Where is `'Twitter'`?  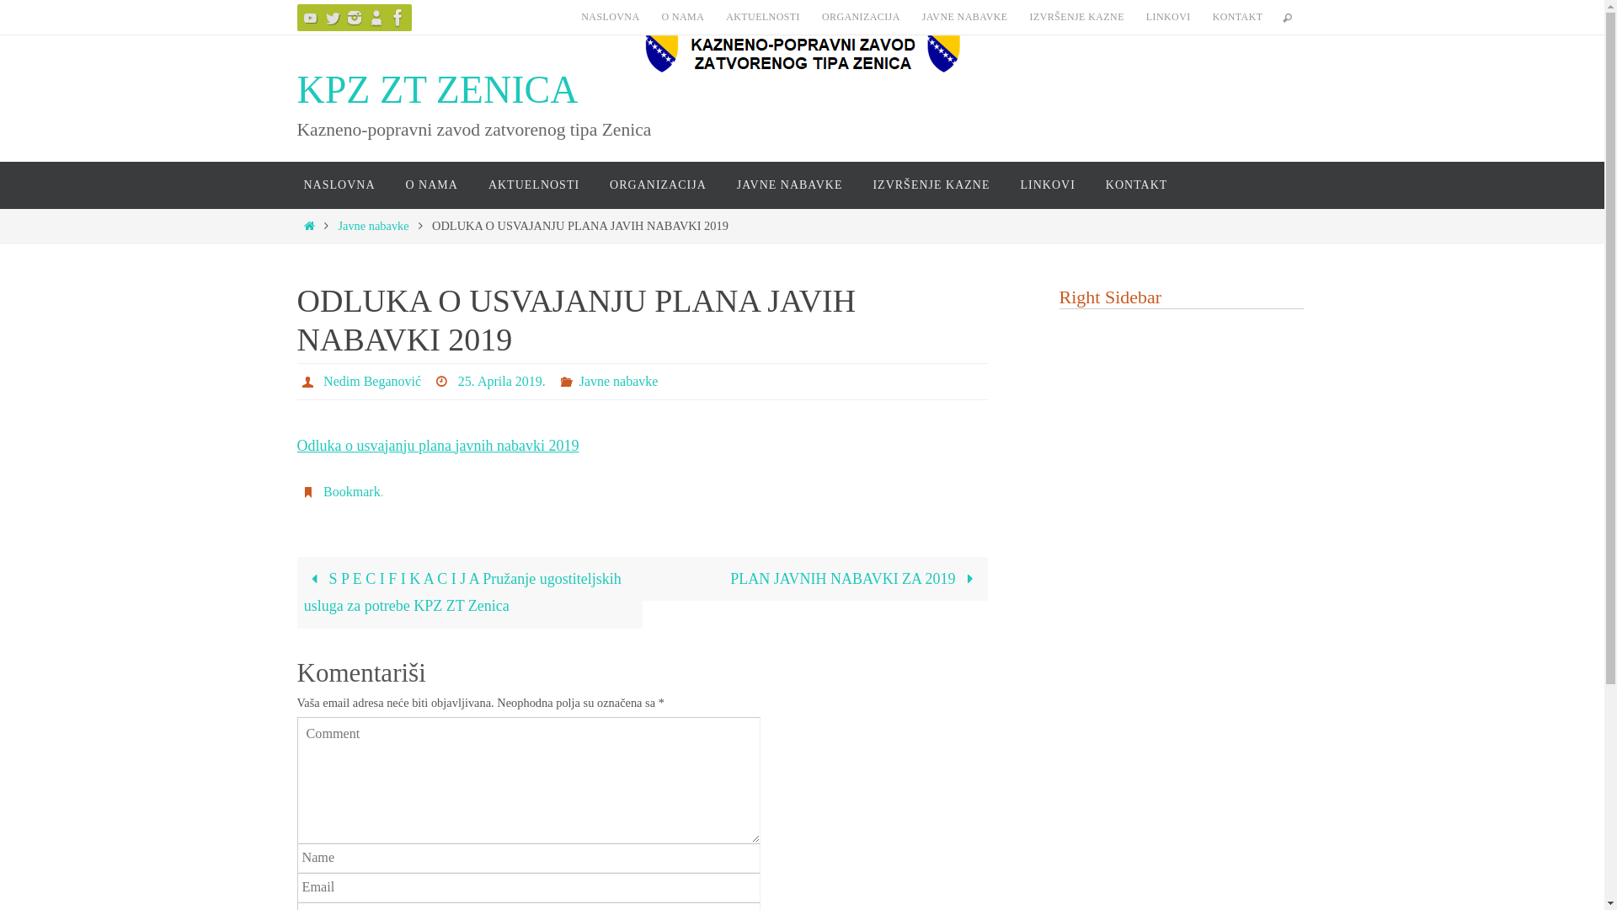 'Twitter' is located at coordinates (318, 17).